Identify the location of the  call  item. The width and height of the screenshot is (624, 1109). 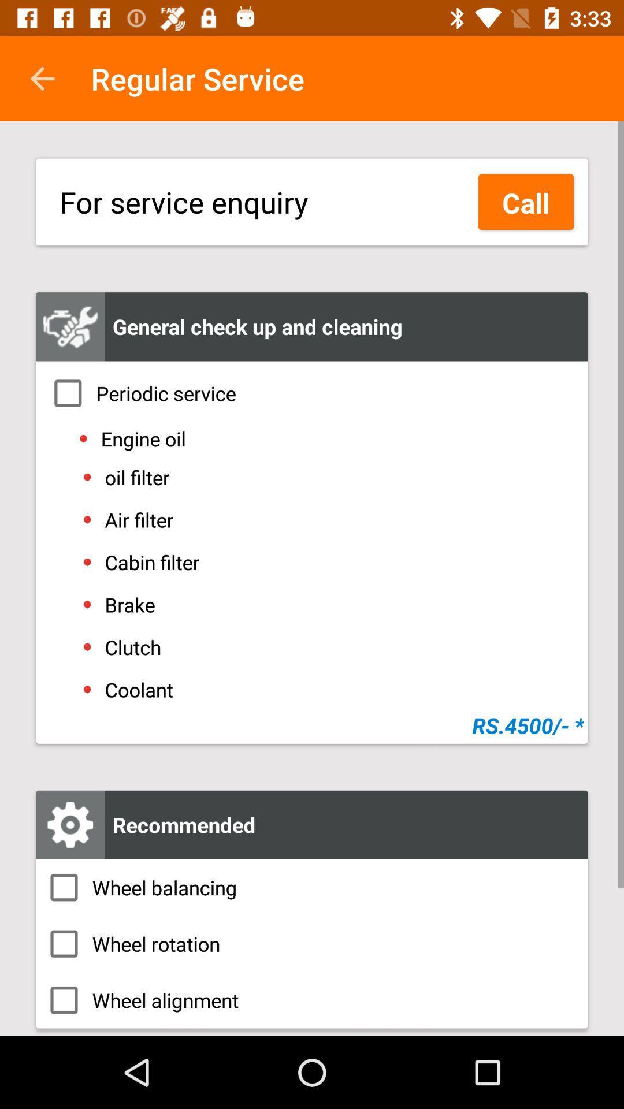
(526, 202).